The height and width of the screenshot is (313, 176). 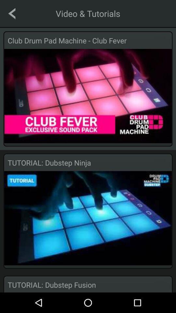 What do you see at coordinates (12, 13) in the screenshot?
I see `the item at the top left corner` at bounding box center [12, 13].